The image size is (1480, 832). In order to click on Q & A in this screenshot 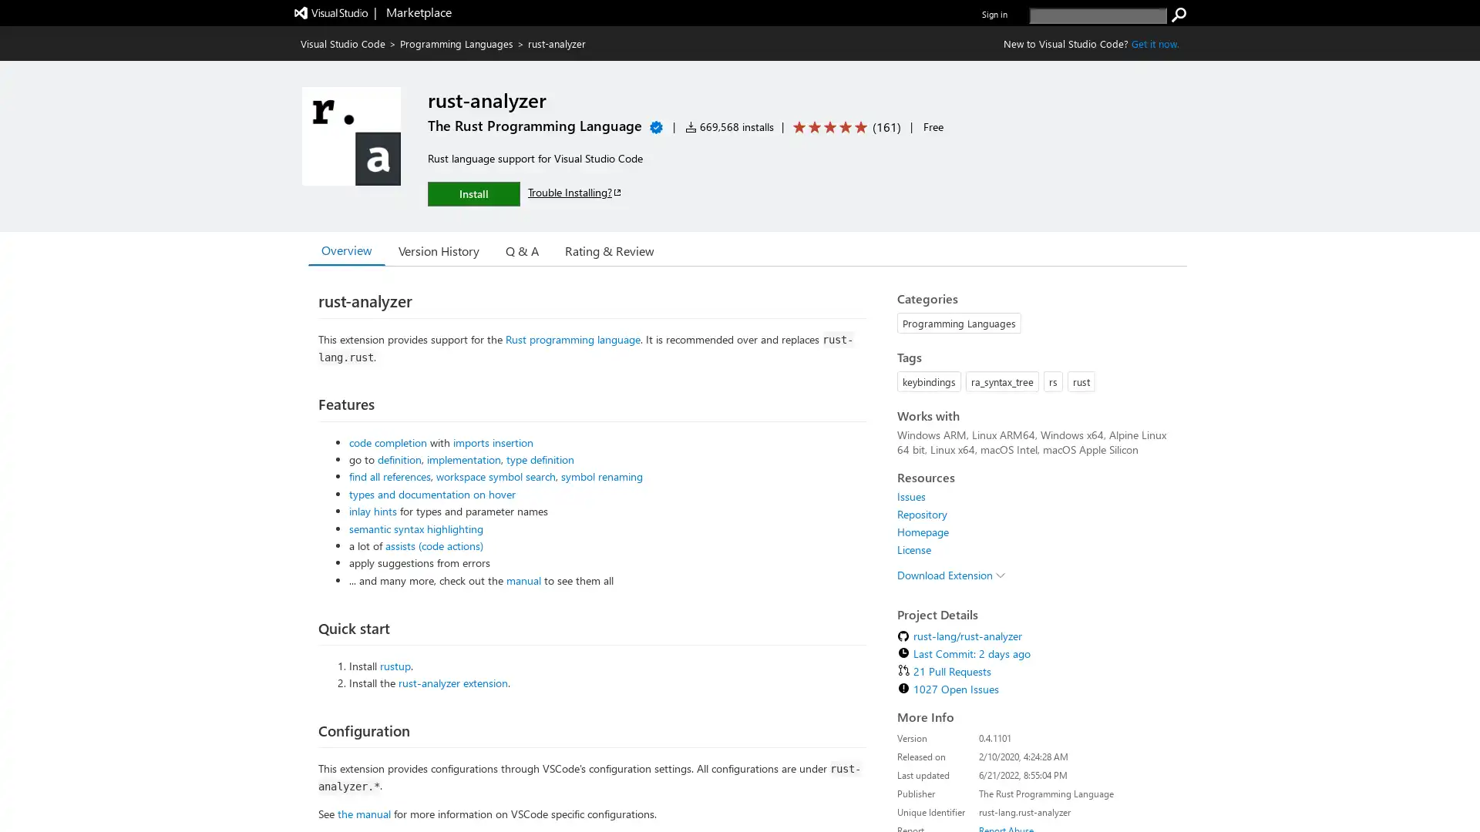, I will do `click(522, 249)`.